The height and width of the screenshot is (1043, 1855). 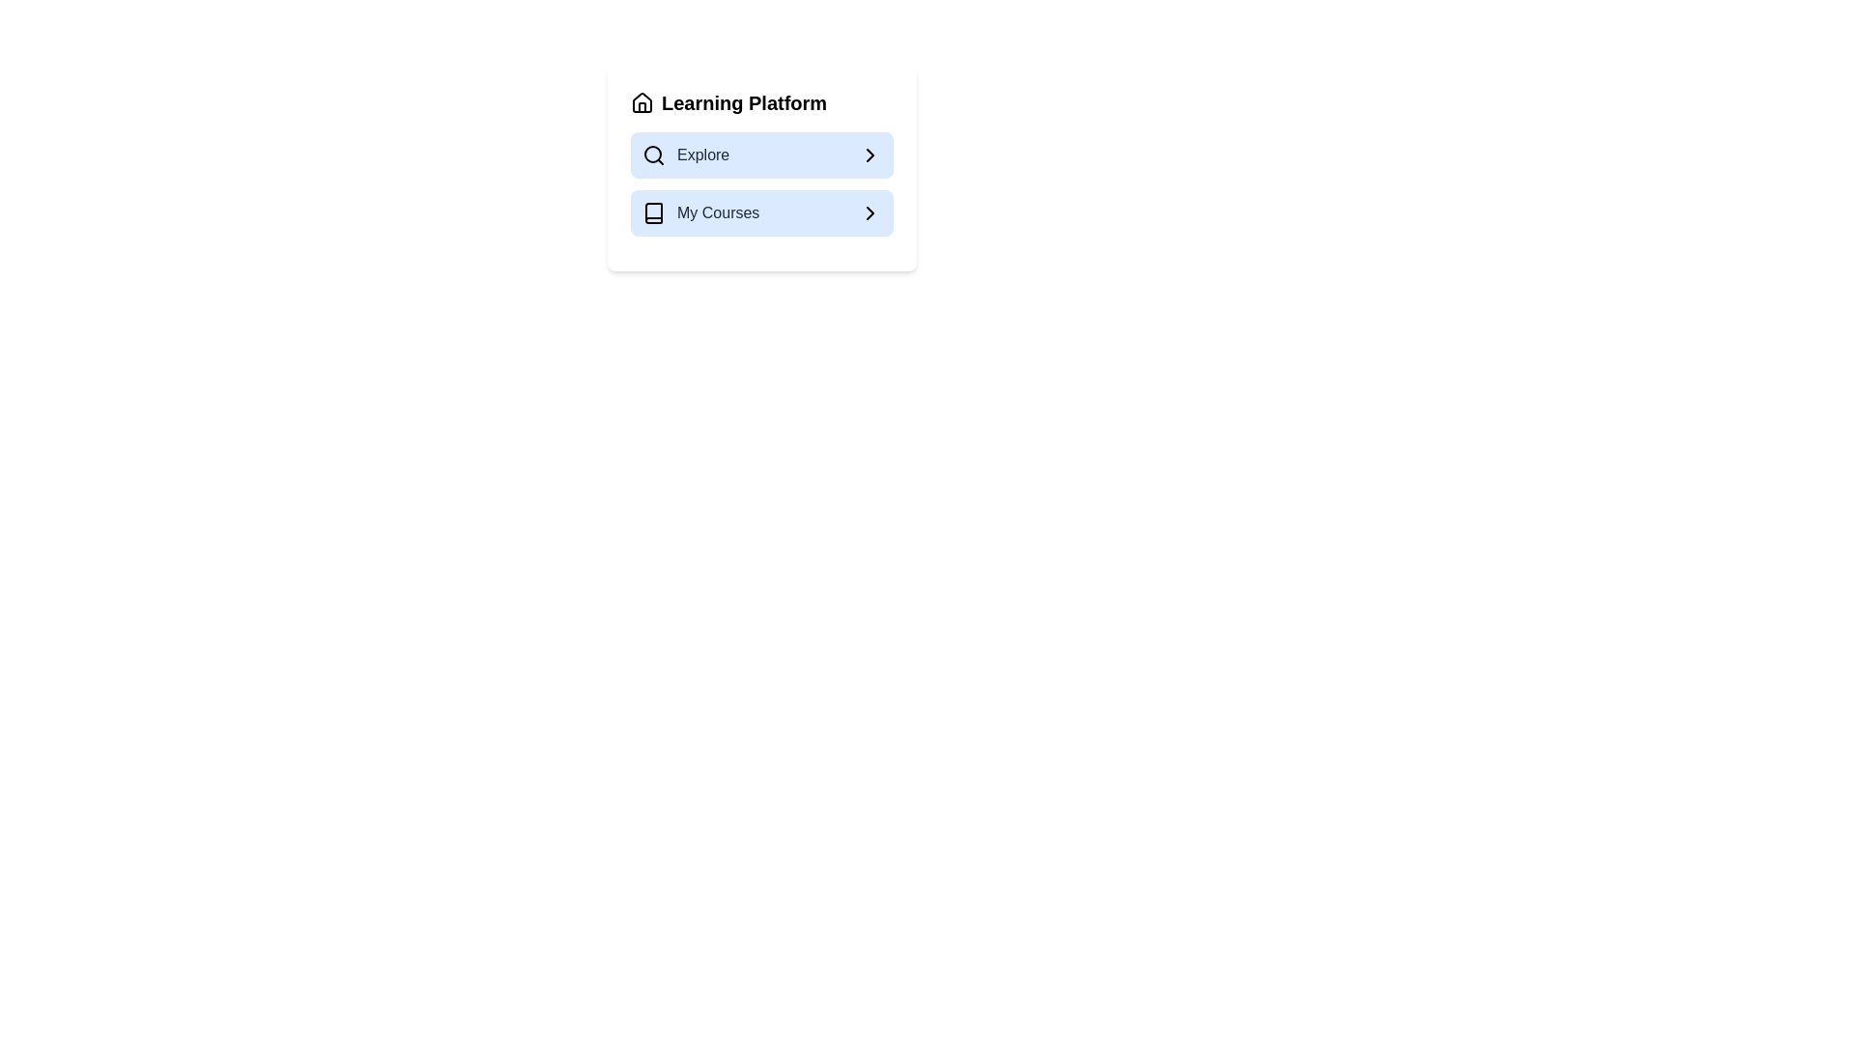 What do you see at coordinates (653, 155) in the screenshot?
I see `the magnifying glass icon located to the left of the 'Explore' text` at bounding box center [653, 155].